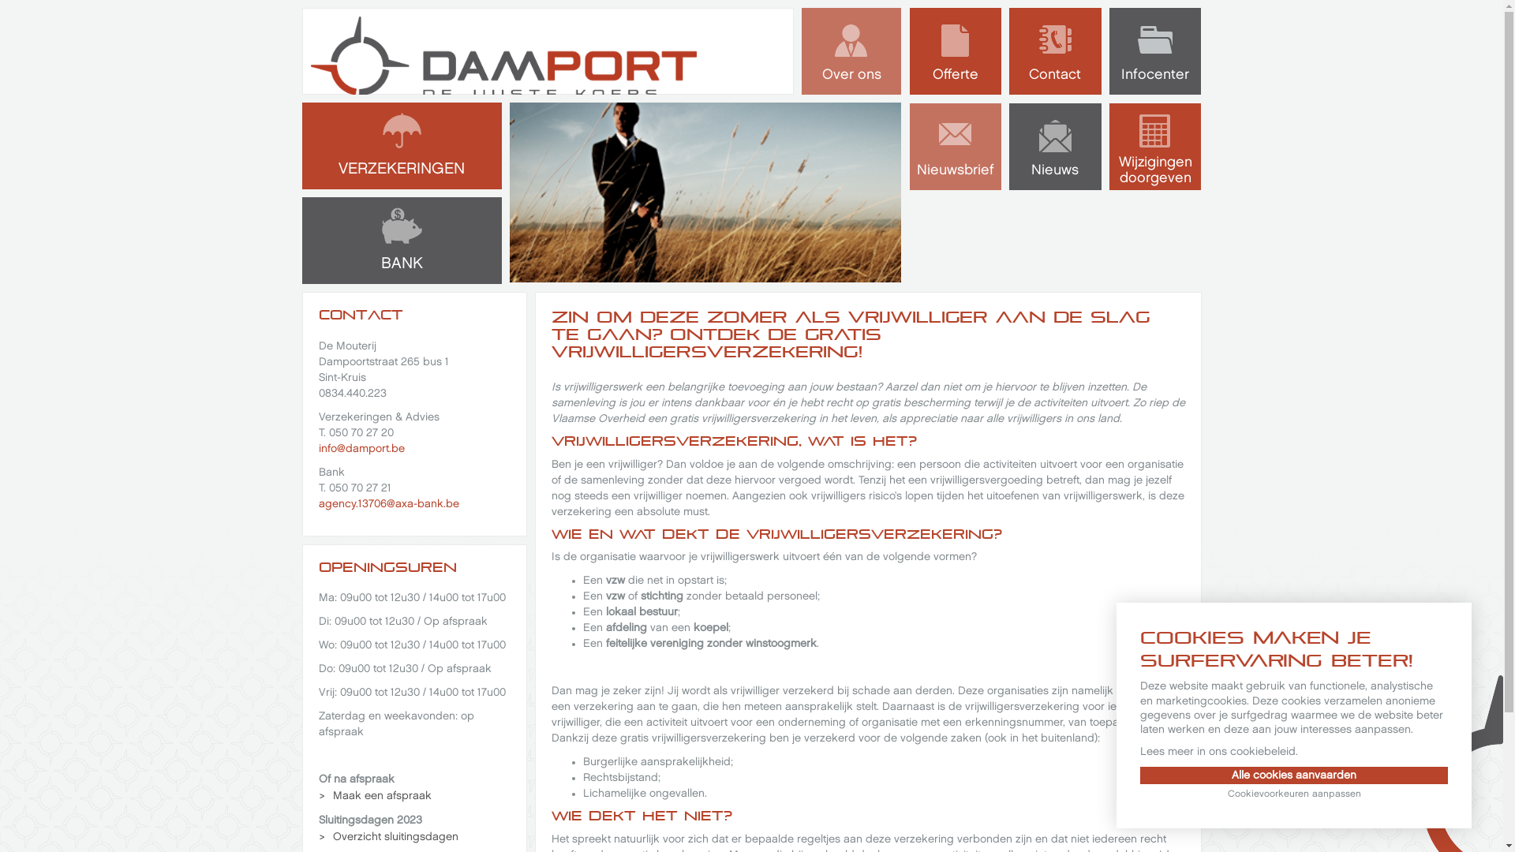 This screenshot has width=1515, height=852. I want to click on 'VERZEKERINGEN', so click(401, 146).